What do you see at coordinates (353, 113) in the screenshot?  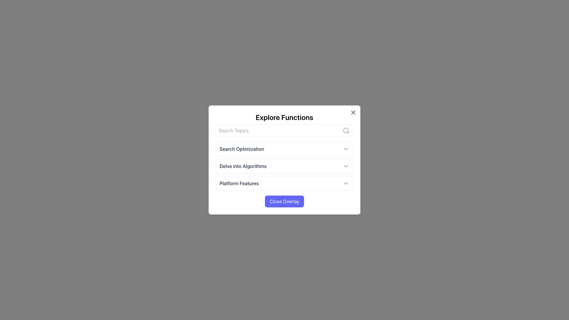 I see `the close button located at the top-right corner of the overlay interface for visual feedback` at bounding box center [353, 113].